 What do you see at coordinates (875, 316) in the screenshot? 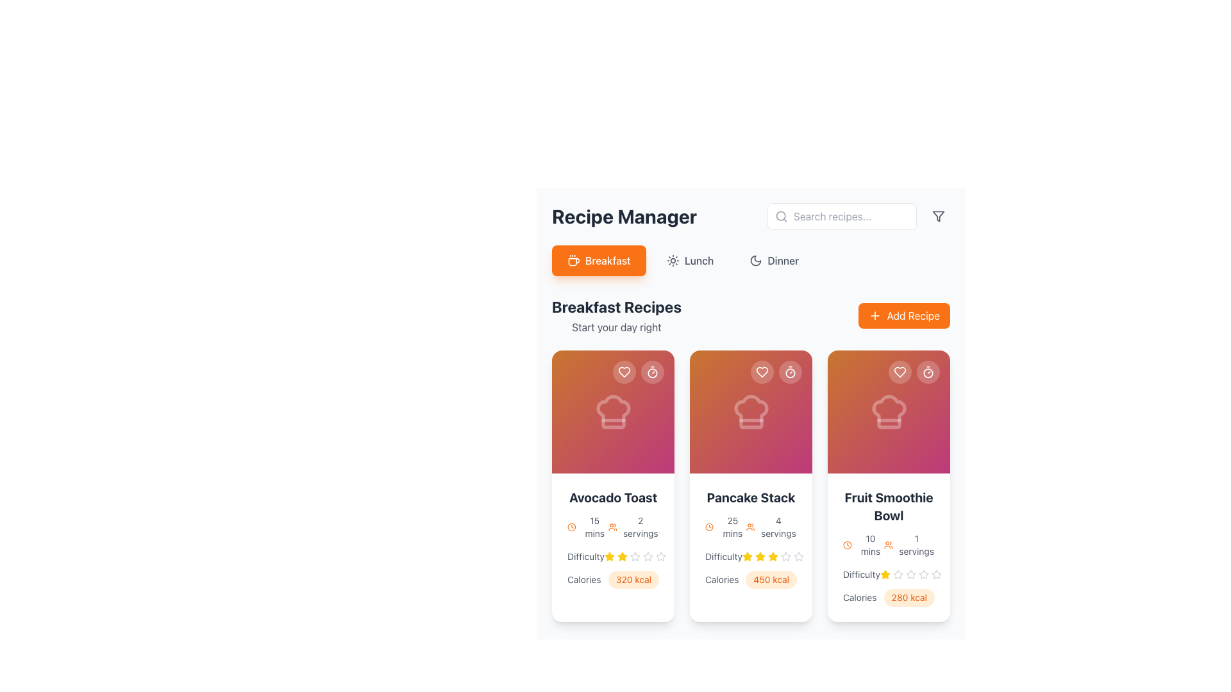
I see `the 'Add Recipe' button which contains a '+' icon on its right side` at bounding box center [875, 316].